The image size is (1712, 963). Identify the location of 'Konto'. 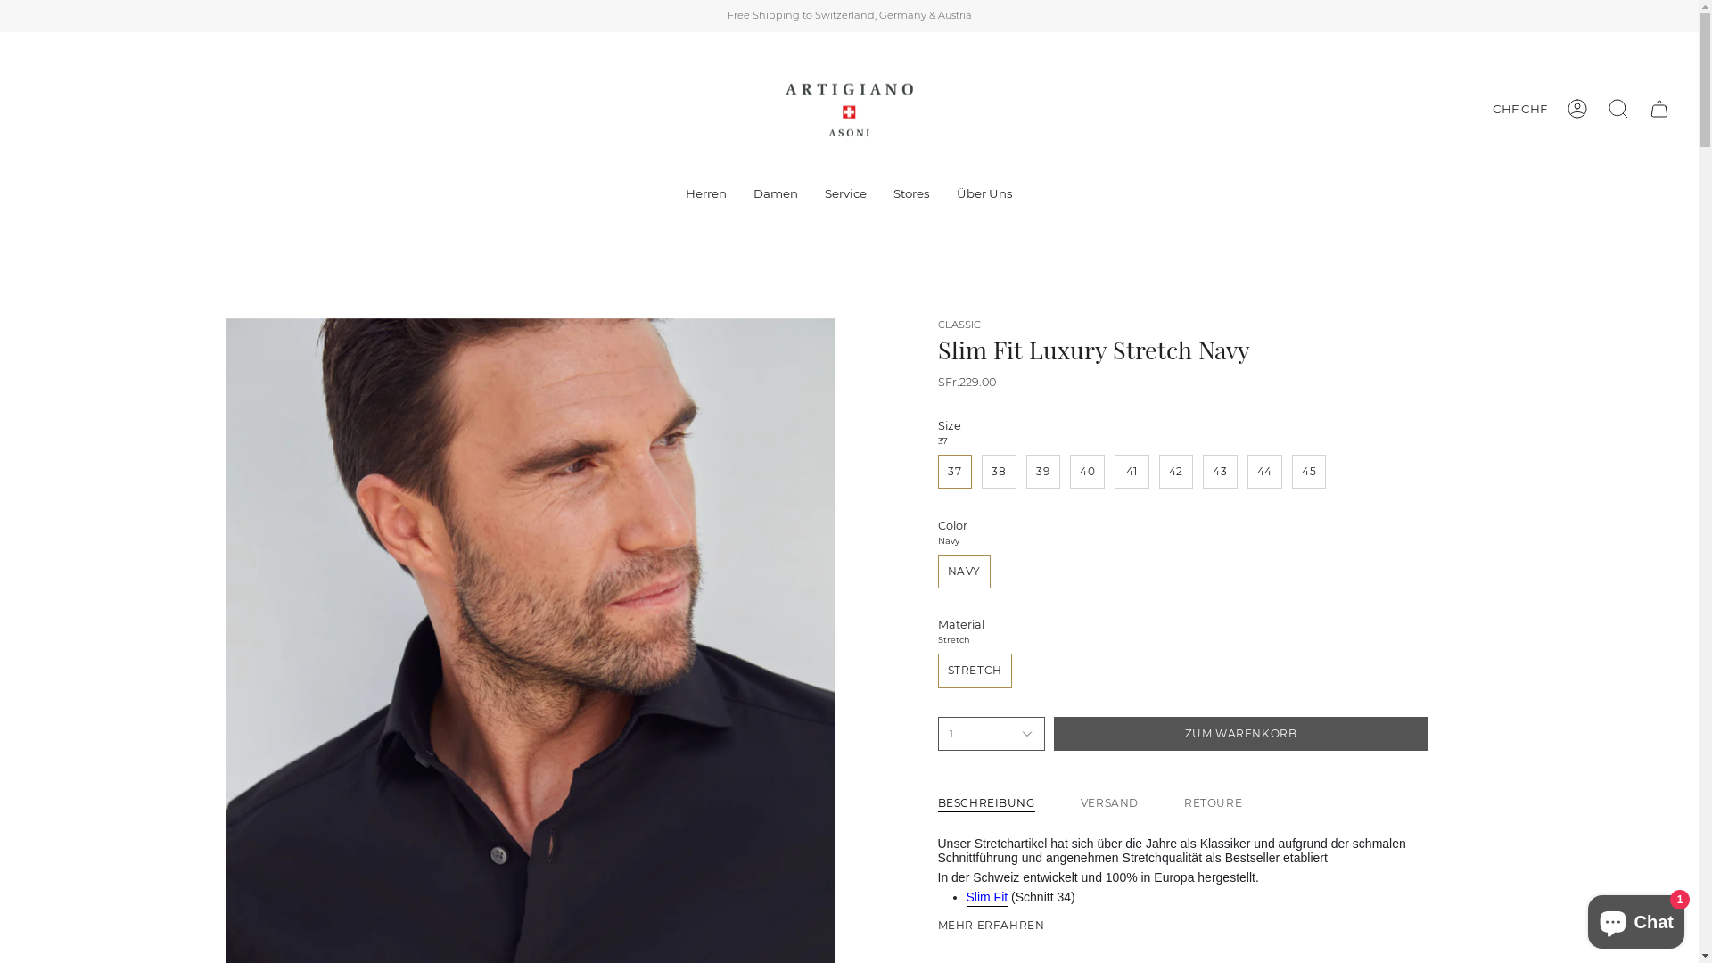
(1577, 109).